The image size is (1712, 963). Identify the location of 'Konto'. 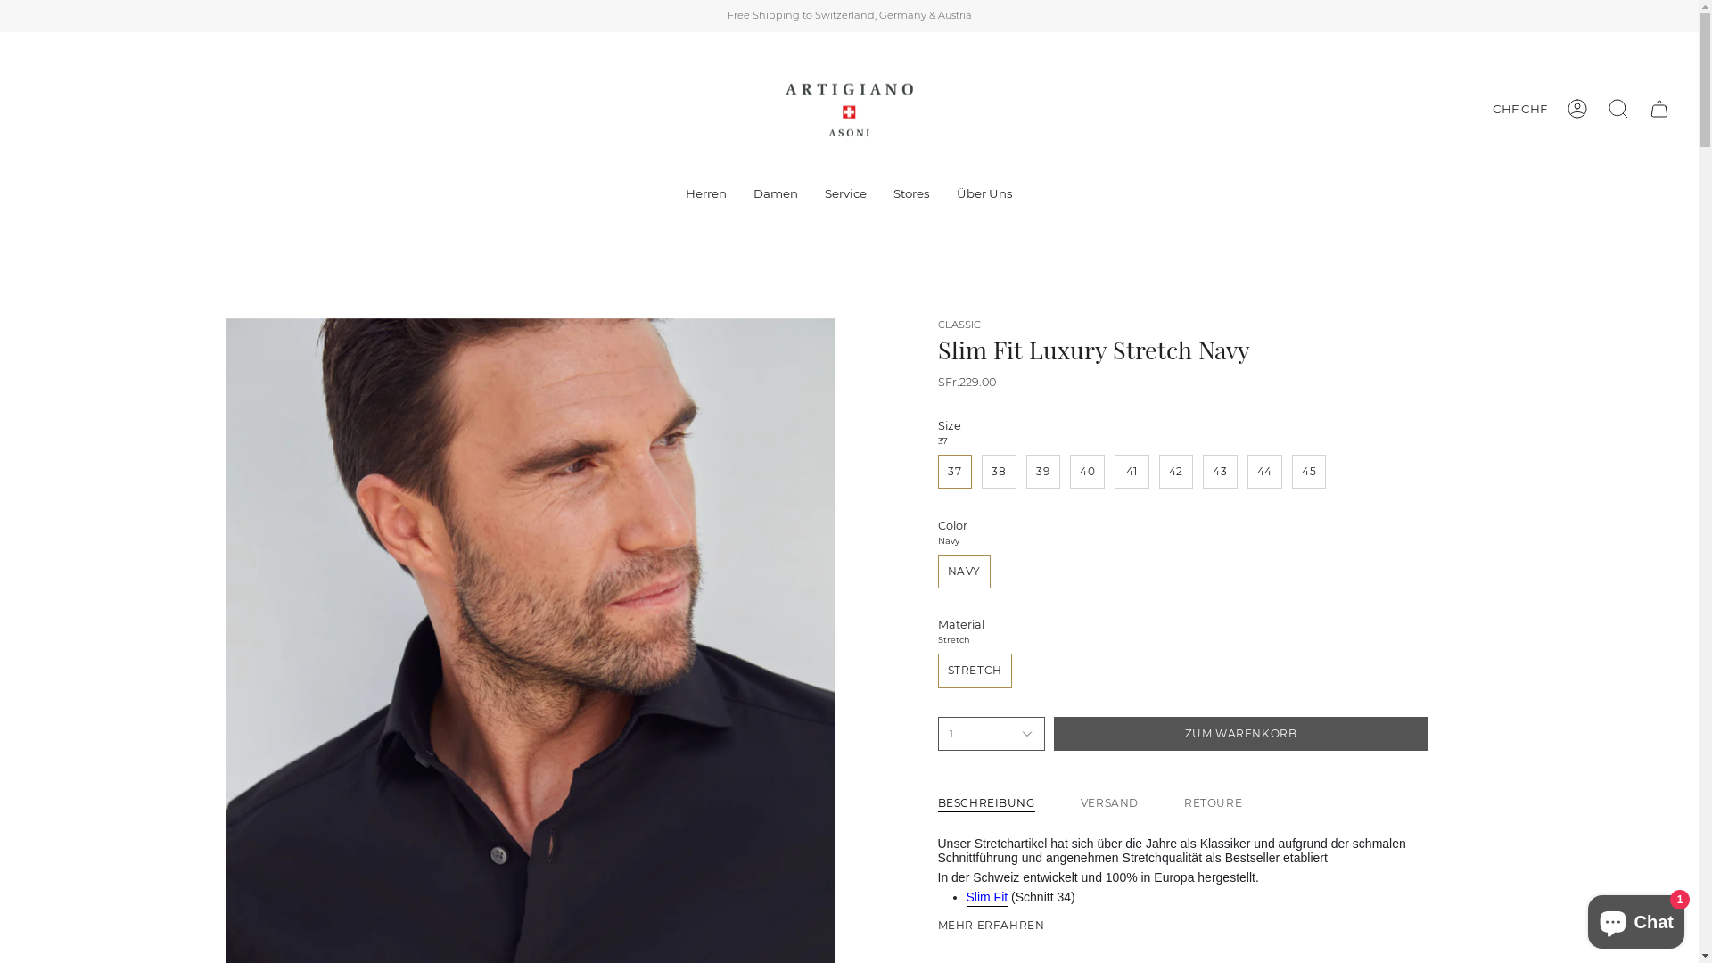
(1577, 109).